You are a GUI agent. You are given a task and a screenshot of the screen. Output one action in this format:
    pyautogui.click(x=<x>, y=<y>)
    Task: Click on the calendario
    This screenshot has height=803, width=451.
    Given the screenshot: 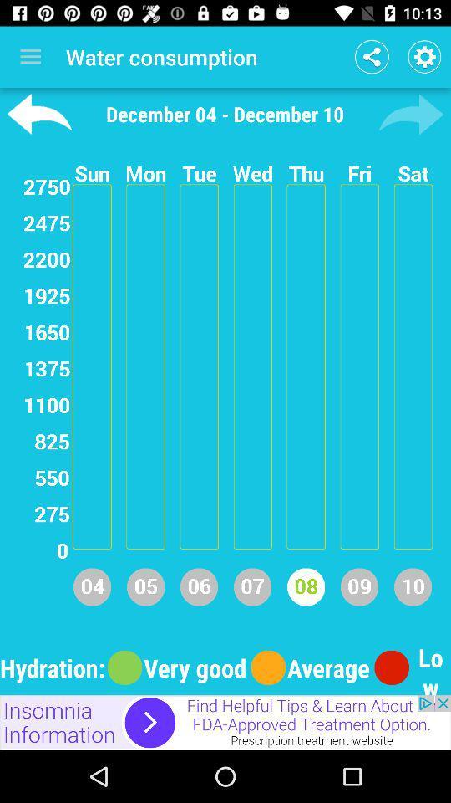 What is the action you would take?
    pyautogui.click(x=410, y=113)
    